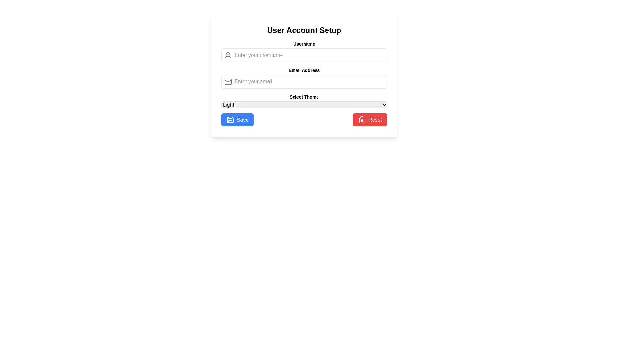 This screenshot has width=622, height=349. Describe the element at coordinates (304, 101) in the screenshot. I see `the 'Select Theme' dropdown menu` at that location.